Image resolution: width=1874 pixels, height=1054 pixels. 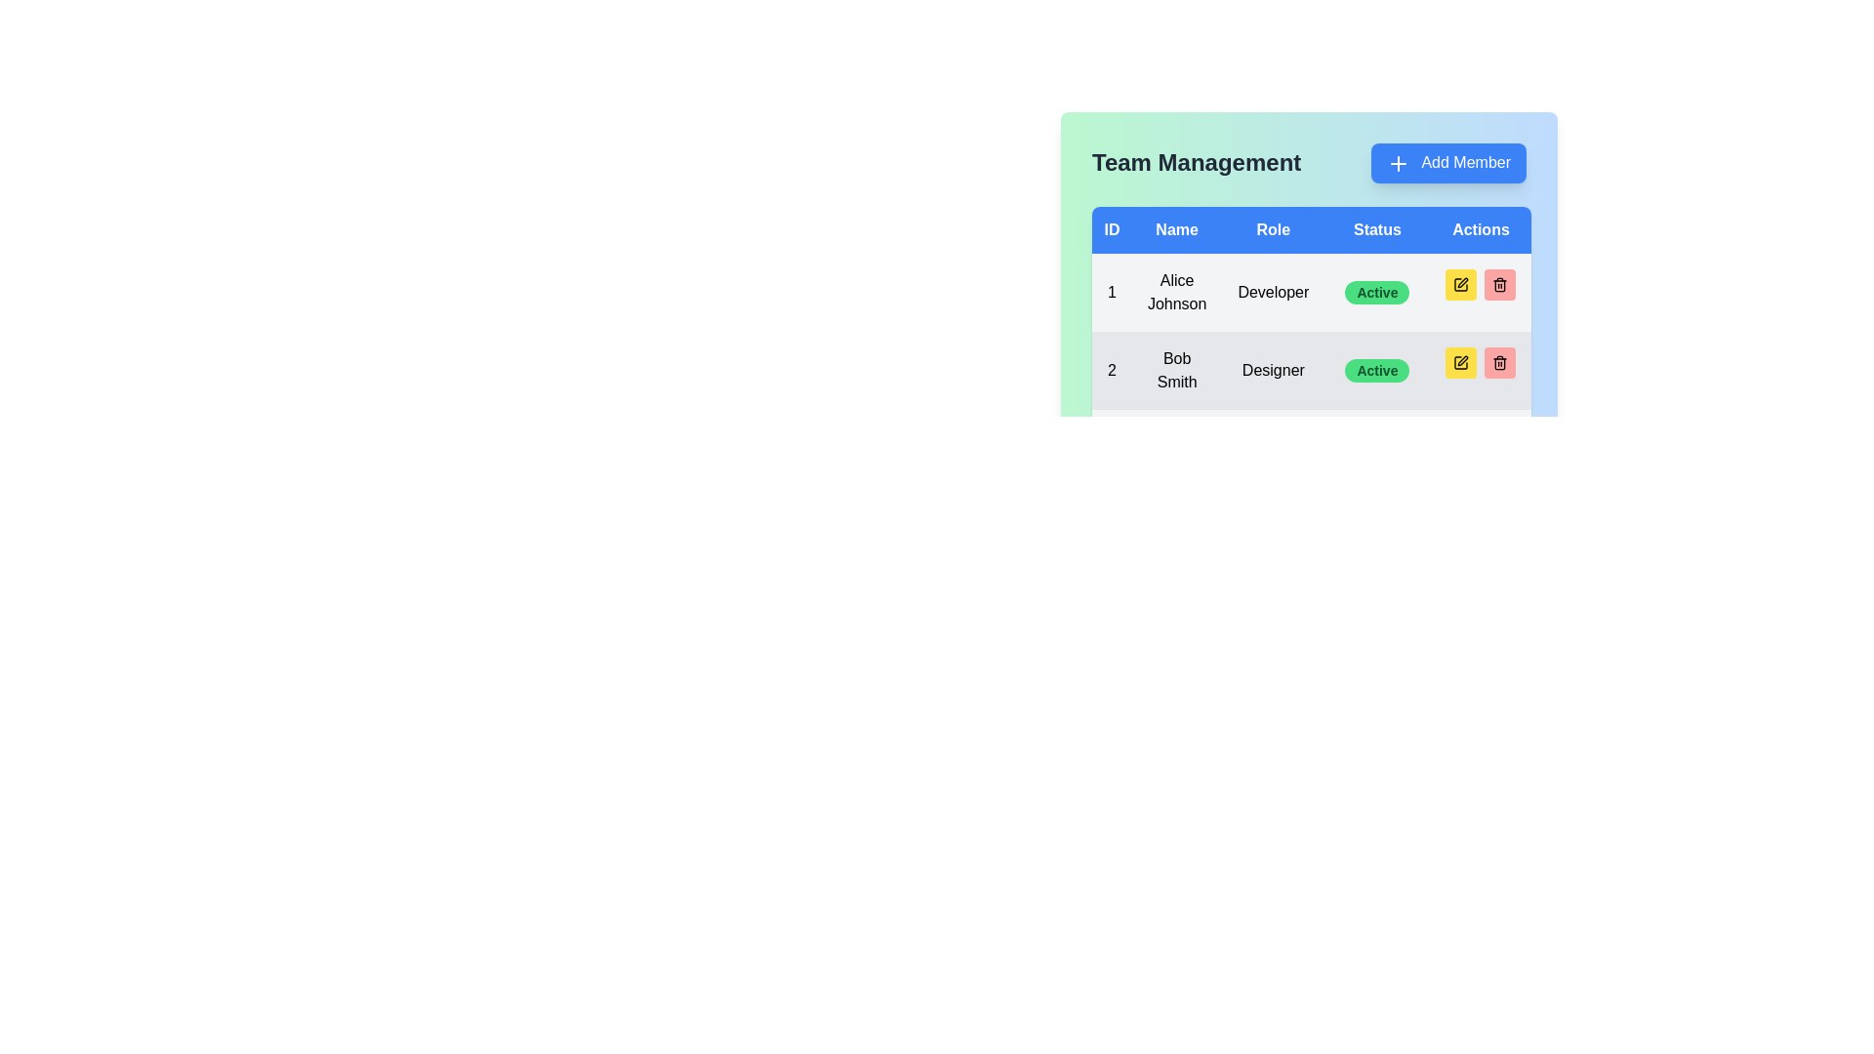 What do you see at coordinates (1461, 362) in the screenshot?
I see `the edit Icon button located in the Actions column of the second row in the Team Management interface` at bounding box center [1461, 362].